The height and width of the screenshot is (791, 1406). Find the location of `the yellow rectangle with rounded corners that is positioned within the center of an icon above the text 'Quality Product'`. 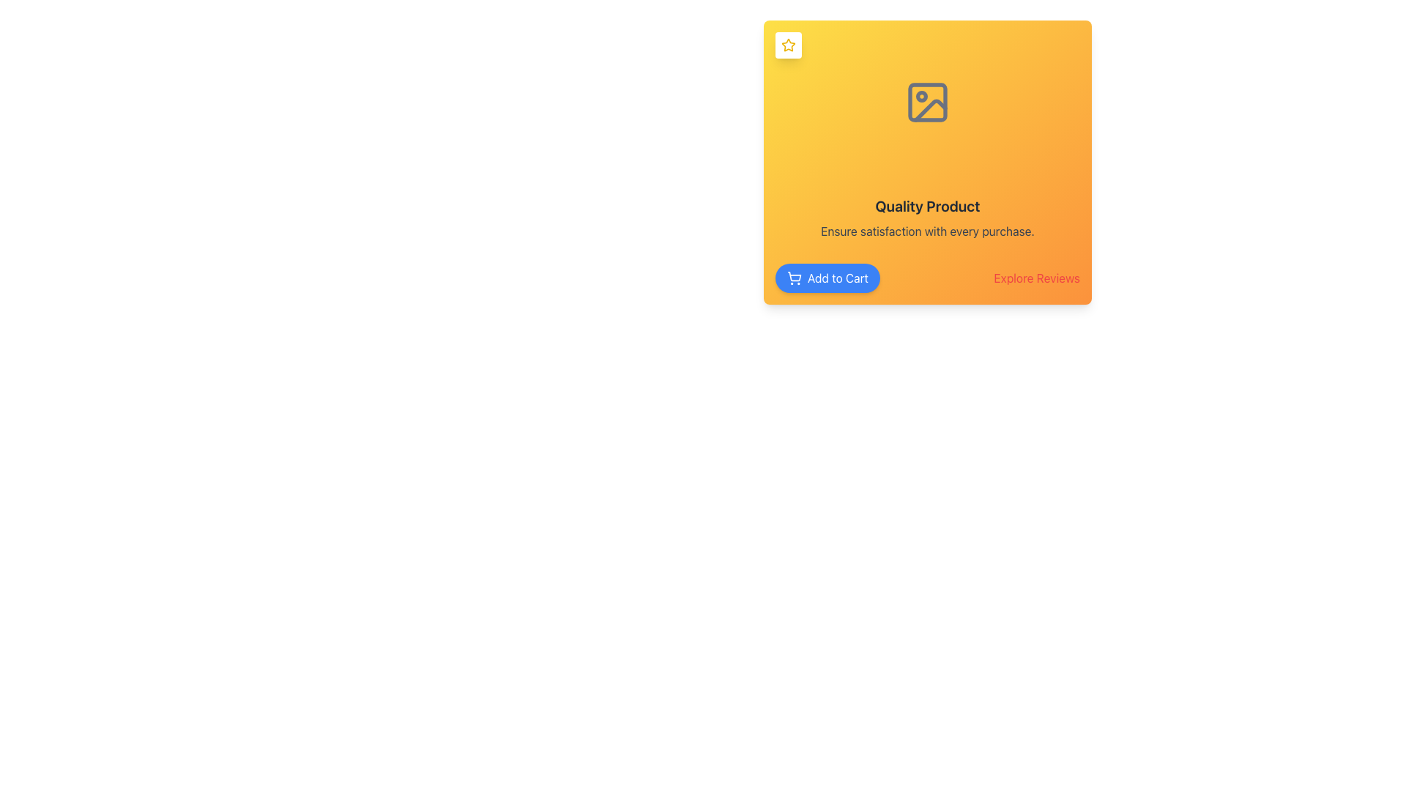

the yellow rectangle with rounded corners that is positioned within the center of an icon above the text 'Quality Product' is located at coordinates (927, 101).